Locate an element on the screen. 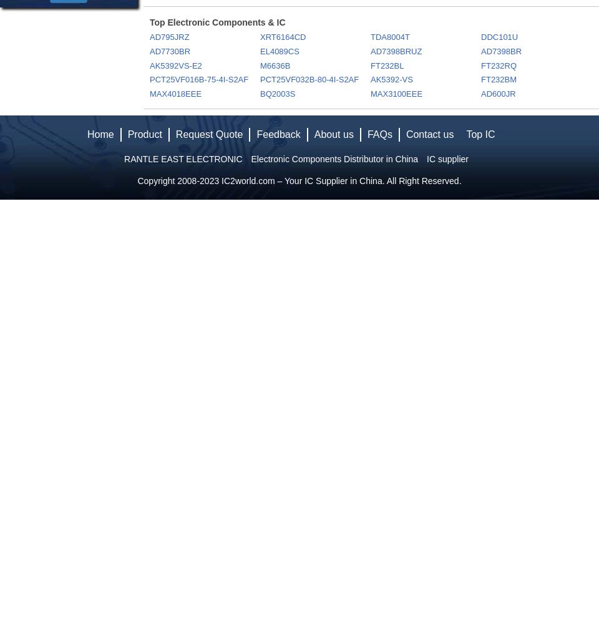 This screenshot has width=599, height=624. 'Electronic Components Distributor in China' is located at coordinates (333, 159).